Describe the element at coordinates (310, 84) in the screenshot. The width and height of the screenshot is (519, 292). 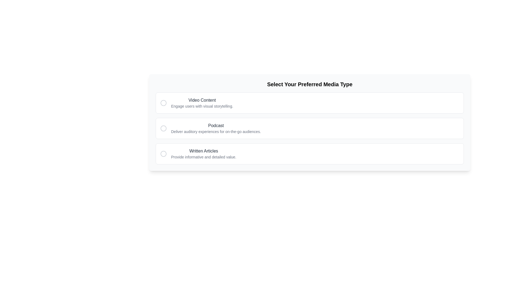
I see `text heading labeled 'Select Your Preferred Media Type', which is a bold and large-font title located at the top of the card-like section` at that location.